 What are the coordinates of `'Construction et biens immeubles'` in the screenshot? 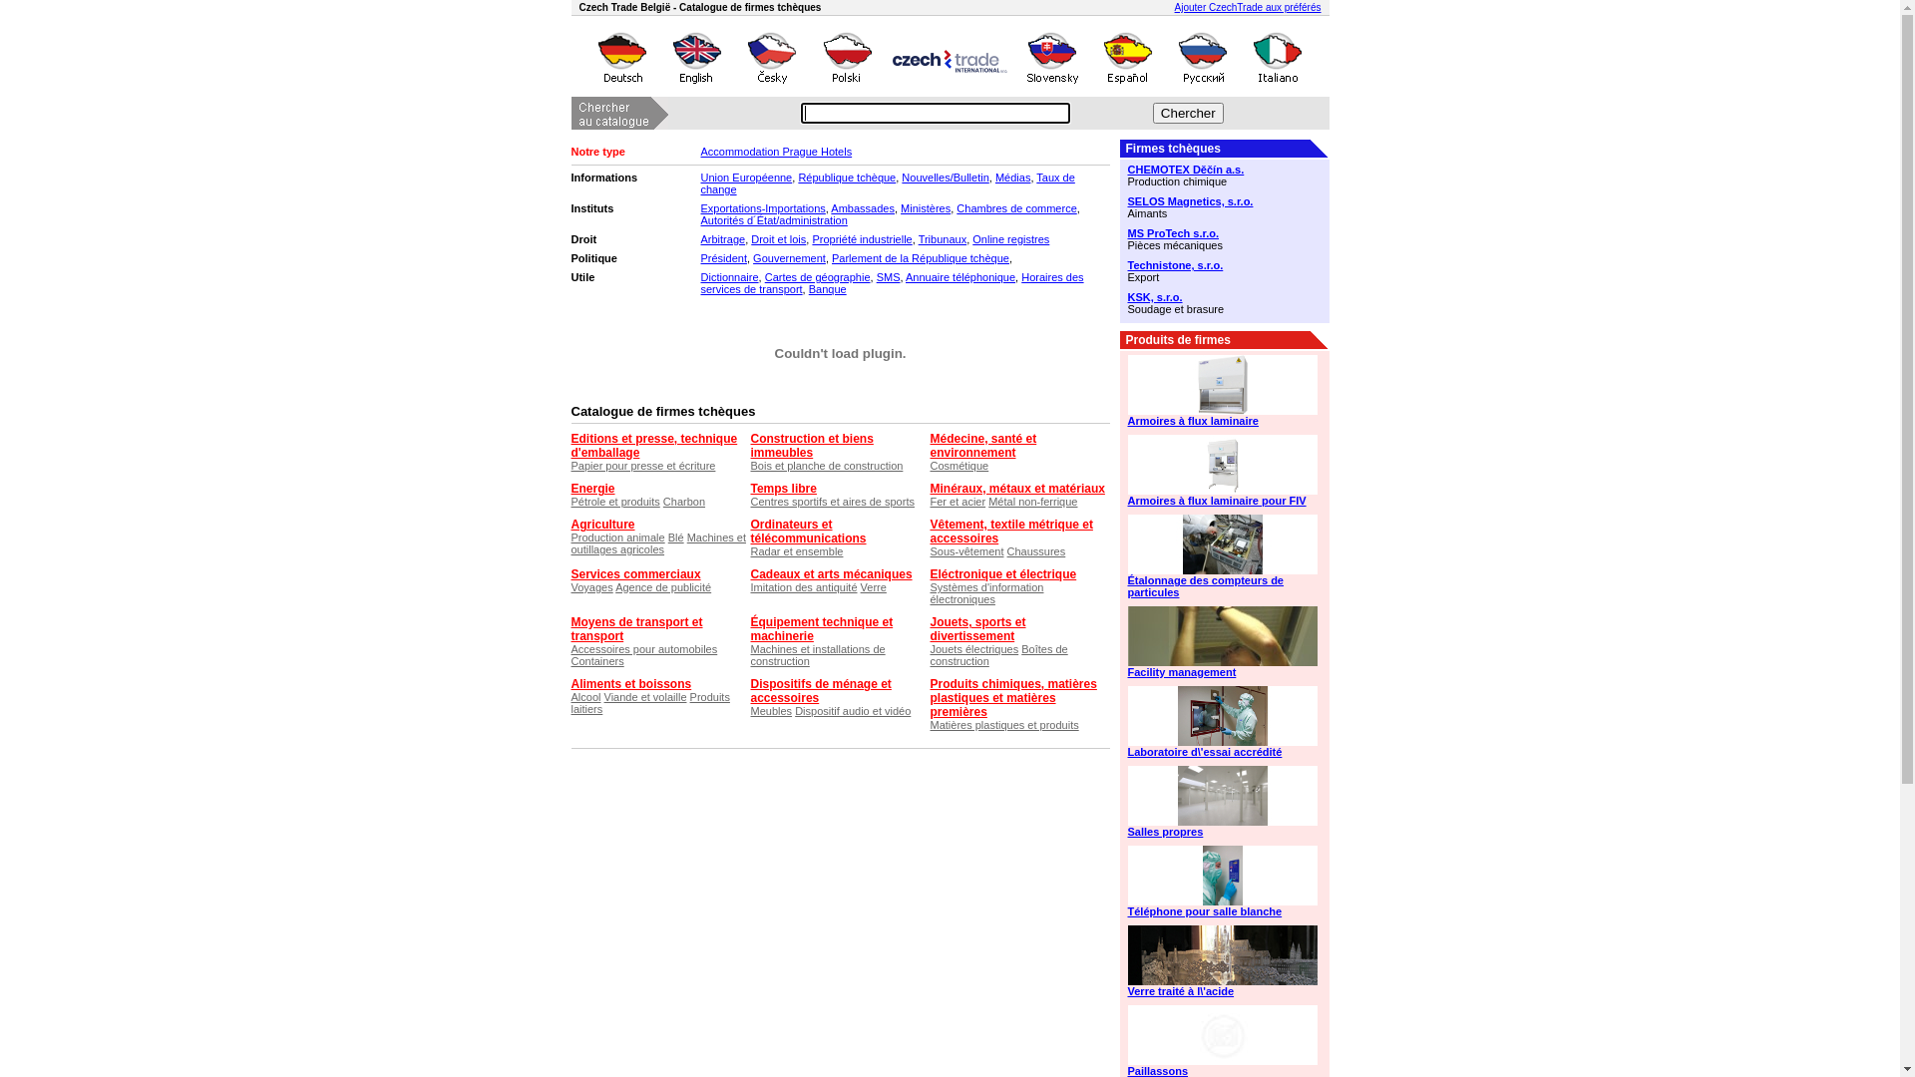 It's located at (749, 445).